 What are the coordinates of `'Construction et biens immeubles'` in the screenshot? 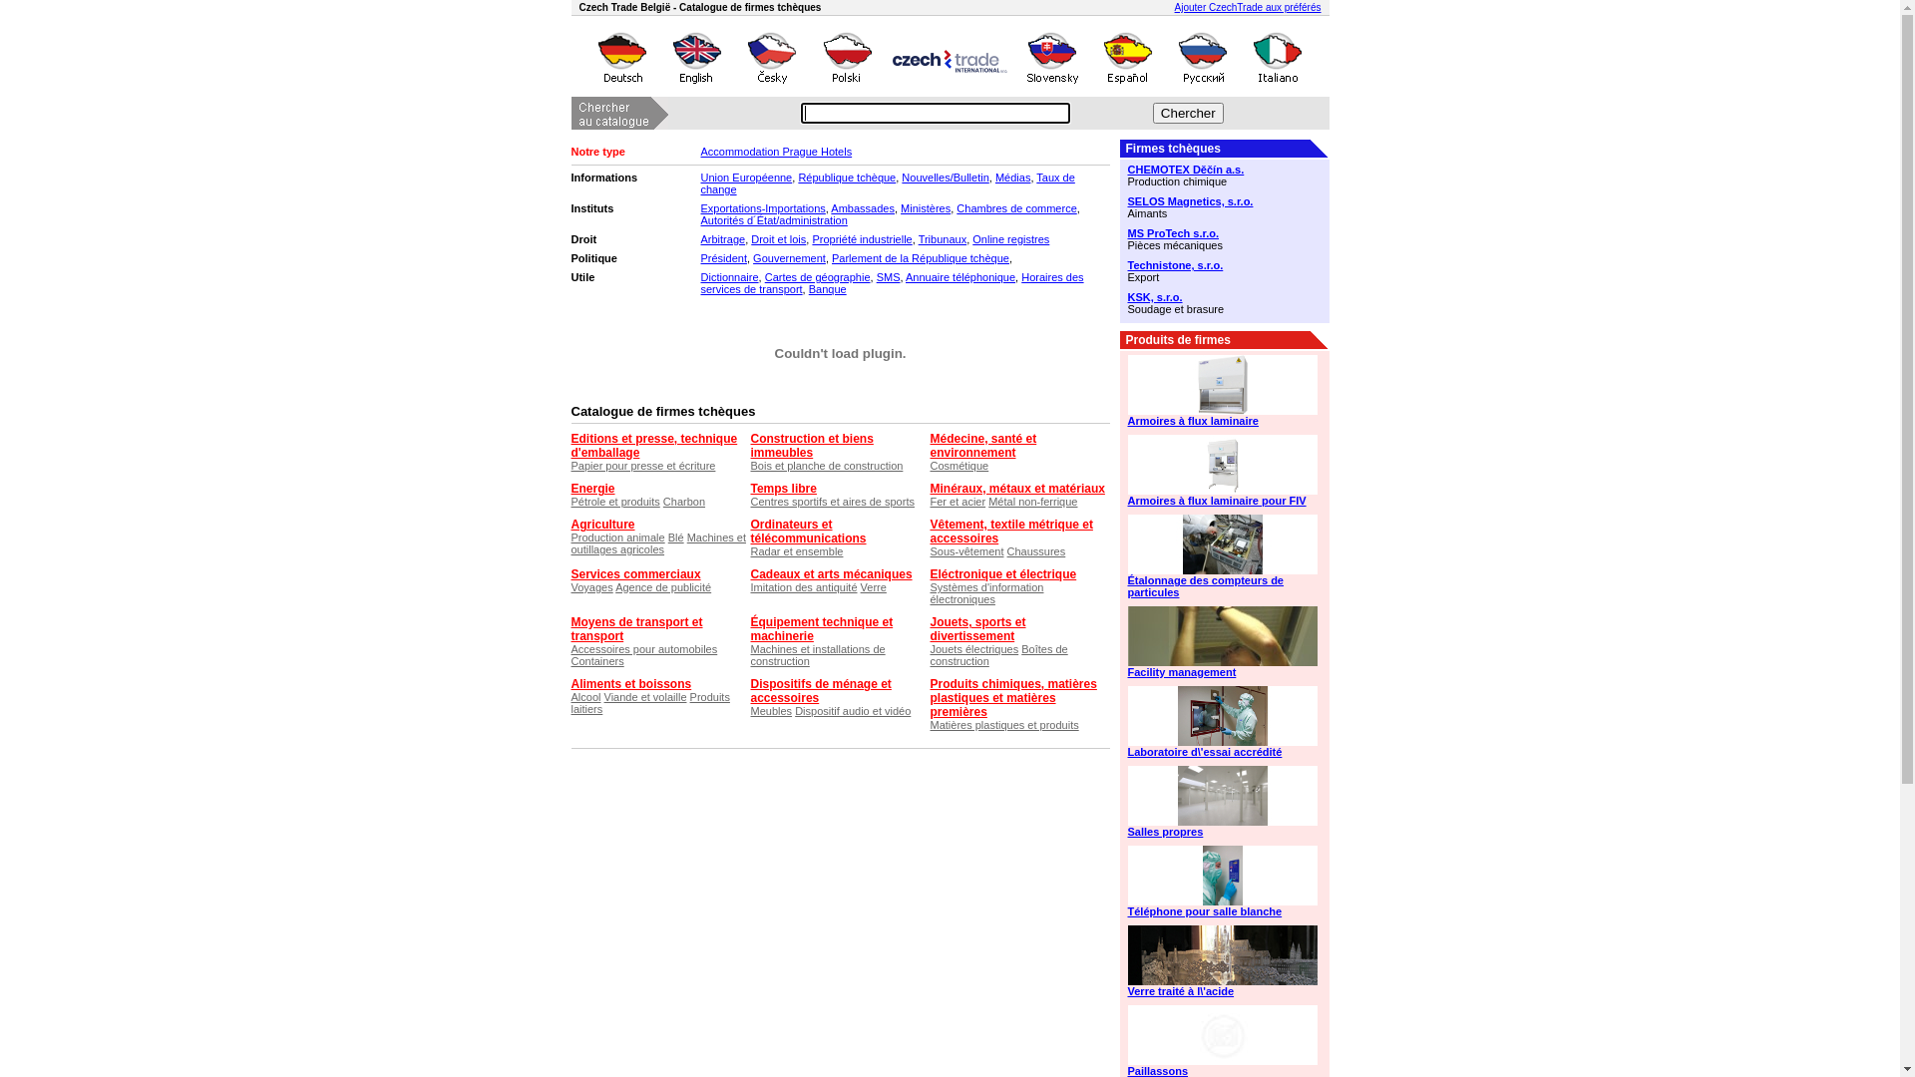 It's located at (749, 445).